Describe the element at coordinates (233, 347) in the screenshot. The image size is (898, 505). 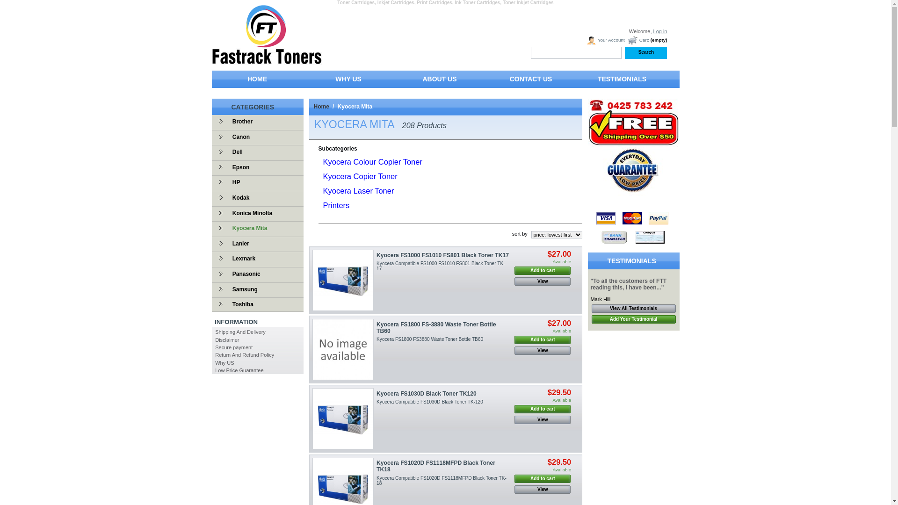
I see `'Secure payment'` at that location.